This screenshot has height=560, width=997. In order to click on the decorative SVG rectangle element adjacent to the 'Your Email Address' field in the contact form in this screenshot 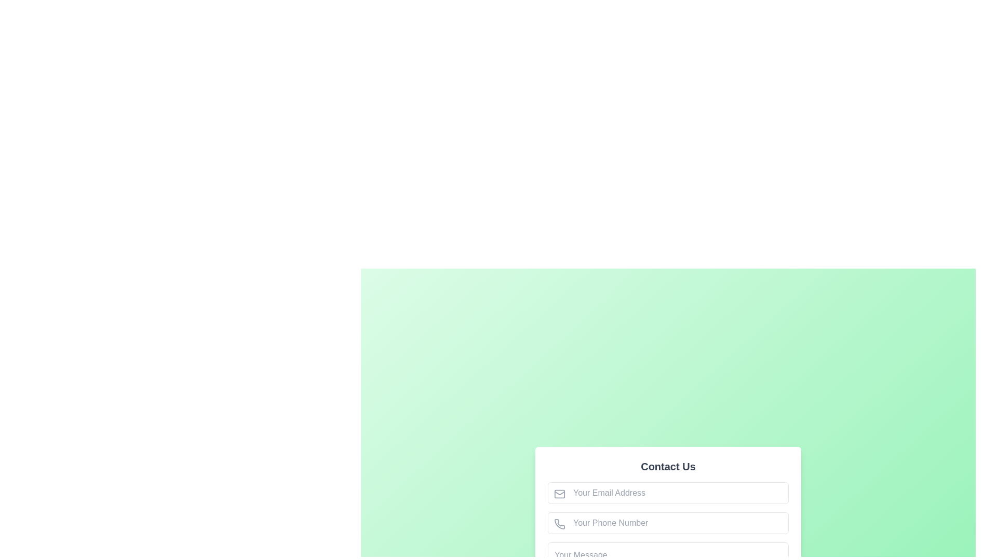, I will do `click(559, 493)`.